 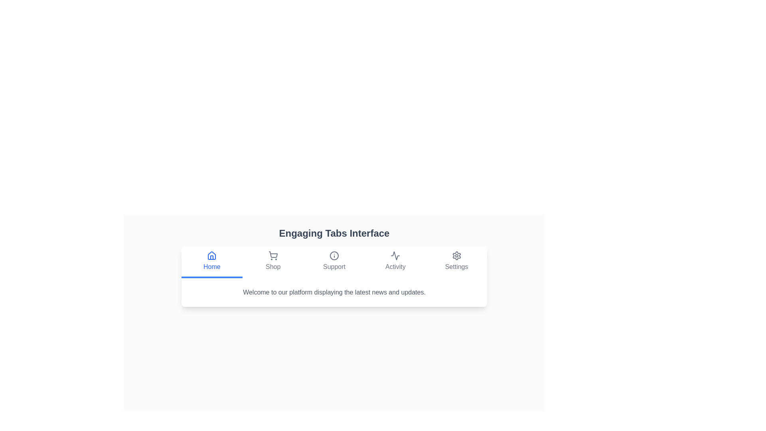 What do you see at coordinates (334, 262) in the screenshot?
I see `the 'Support' navigation tab` at bounding box center [334, 262].